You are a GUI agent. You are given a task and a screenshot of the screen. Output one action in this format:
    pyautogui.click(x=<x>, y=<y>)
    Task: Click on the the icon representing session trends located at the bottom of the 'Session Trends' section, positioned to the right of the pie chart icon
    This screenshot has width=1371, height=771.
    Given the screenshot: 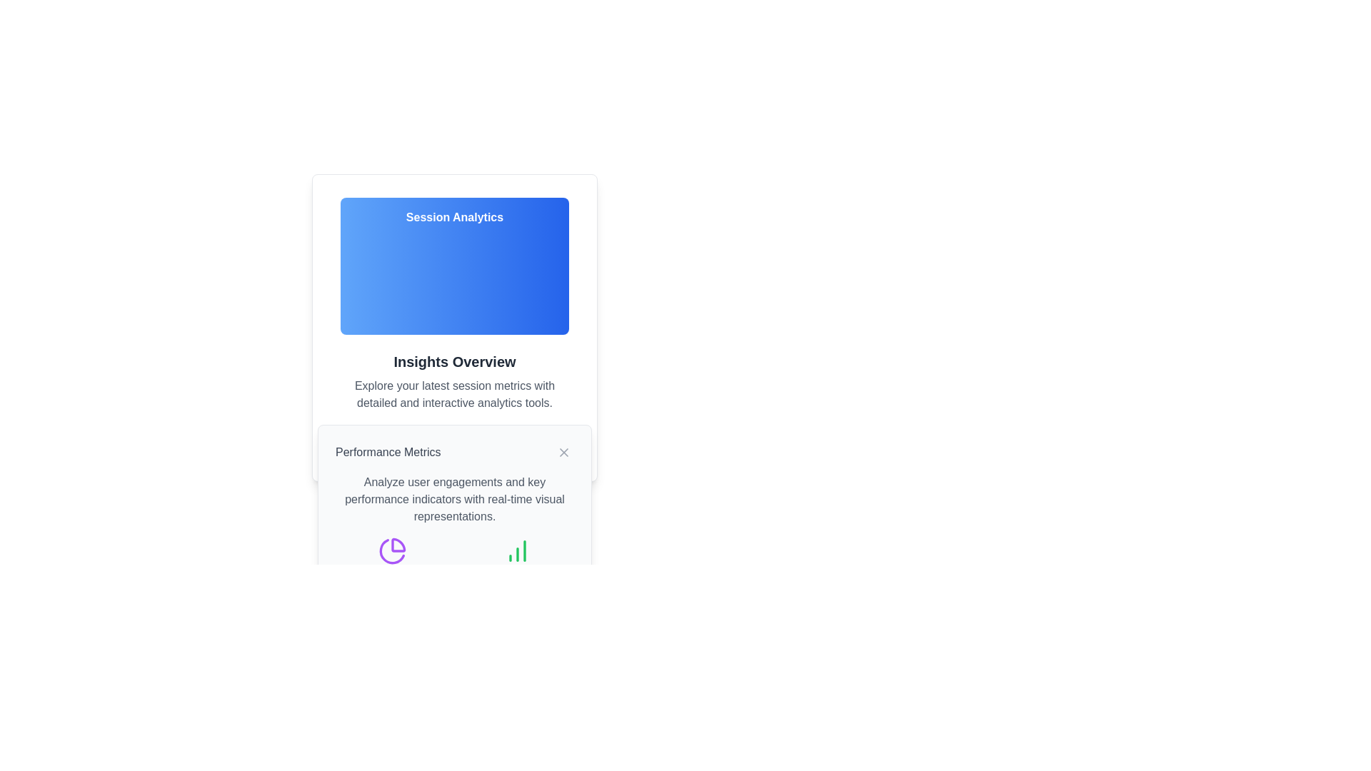 What is the action you would take?
    pyautogui.click(x=516, y=550)
    